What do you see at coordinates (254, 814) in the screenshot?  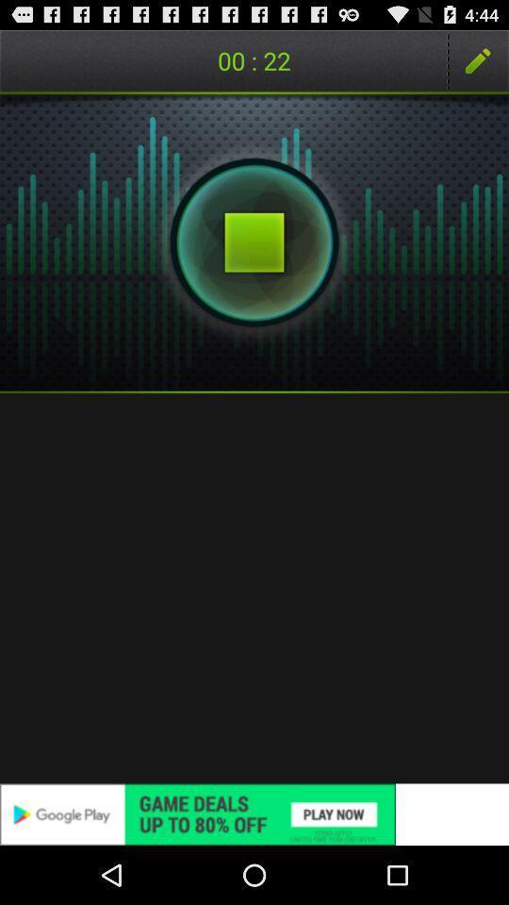 I see `the icon at the bottom` at bounding box center [254, 814].